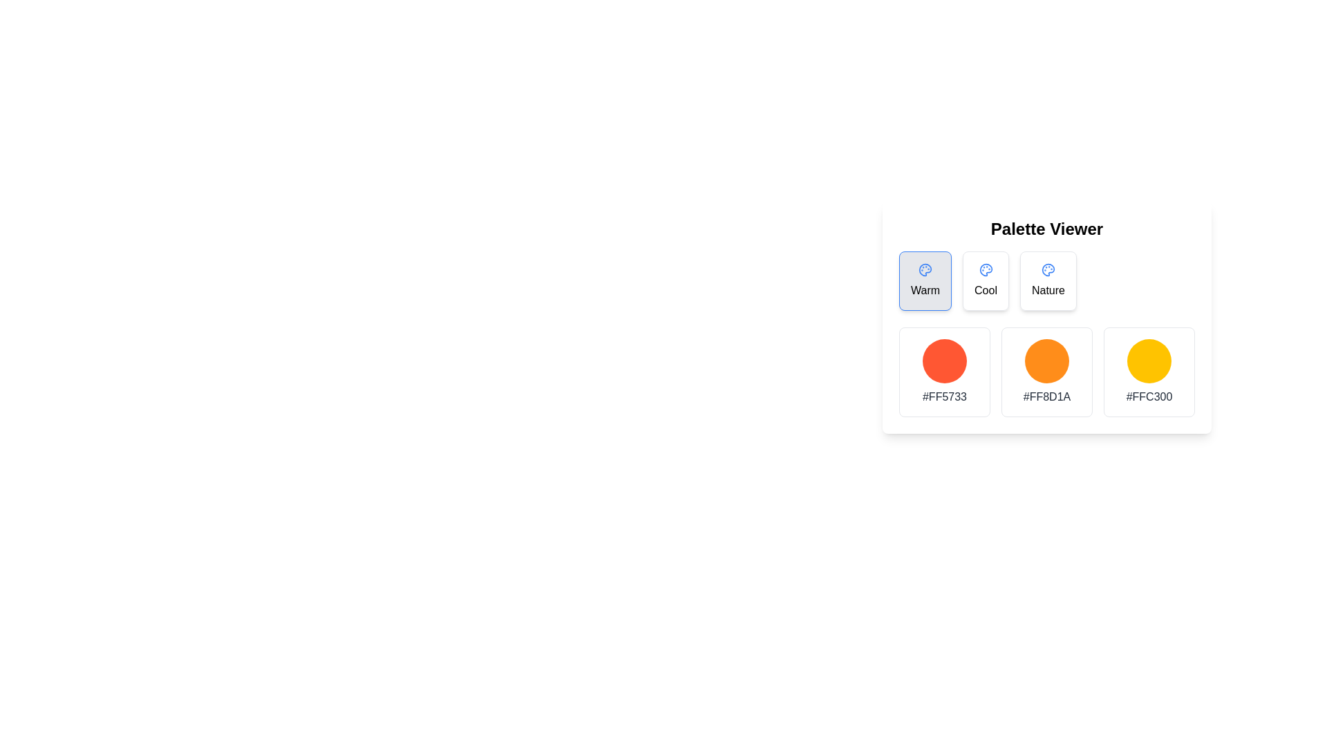 This screenshot has height=746, width=1327. Describe the element at coordinates (1047, 372) in the screenshot. I see `color information visually from the Card element displaying the color swatch in orange (#FF8D1A) and the corresponding color code '#FF8D1A'` at that location.